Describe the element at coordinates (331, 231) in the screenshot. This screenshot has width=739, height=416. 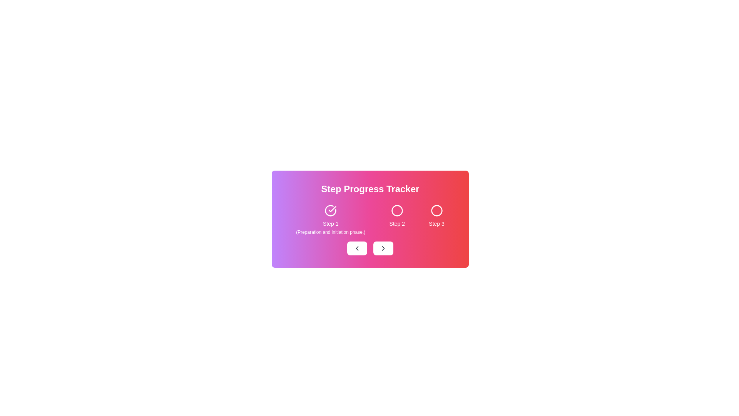
I see `the text element displaying '(Preparation and initiation phase.)', which is located directly below the 'Step 1' label in the step progress tracker interface` at that location.